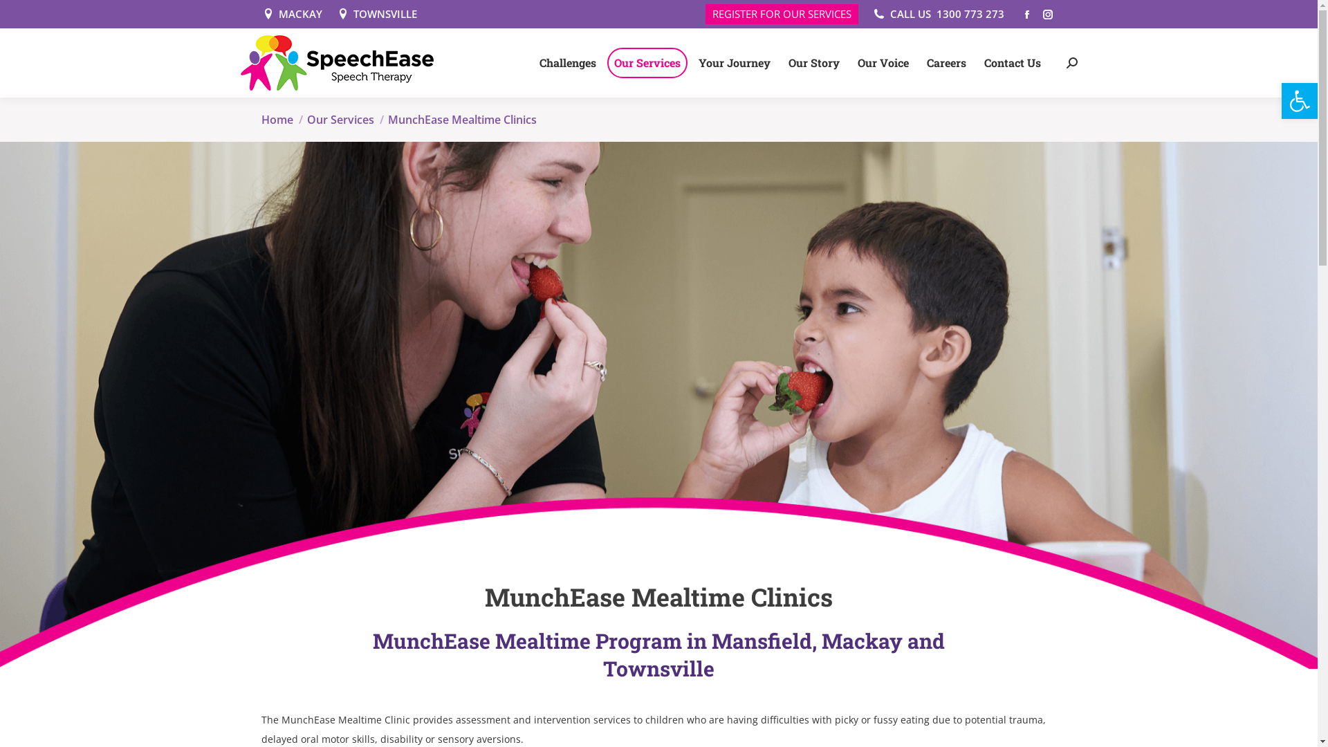 The image size is (1328, 747). What do you see at coordinates (782, 14) in the screenshot?
I see `'REGISTER FOR OUR SERVICES'` at bounding box center [782, 14].